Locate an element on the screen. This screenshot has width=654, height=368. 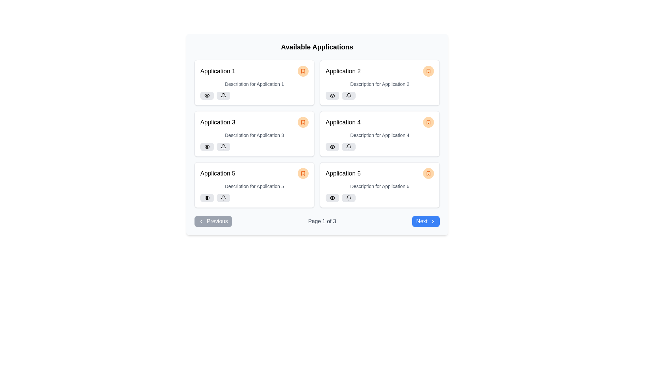
the visibility button with an icon located in the lower row of the 'Application 4' card, to the left of the bell icon is located at coordinates (332, 147).